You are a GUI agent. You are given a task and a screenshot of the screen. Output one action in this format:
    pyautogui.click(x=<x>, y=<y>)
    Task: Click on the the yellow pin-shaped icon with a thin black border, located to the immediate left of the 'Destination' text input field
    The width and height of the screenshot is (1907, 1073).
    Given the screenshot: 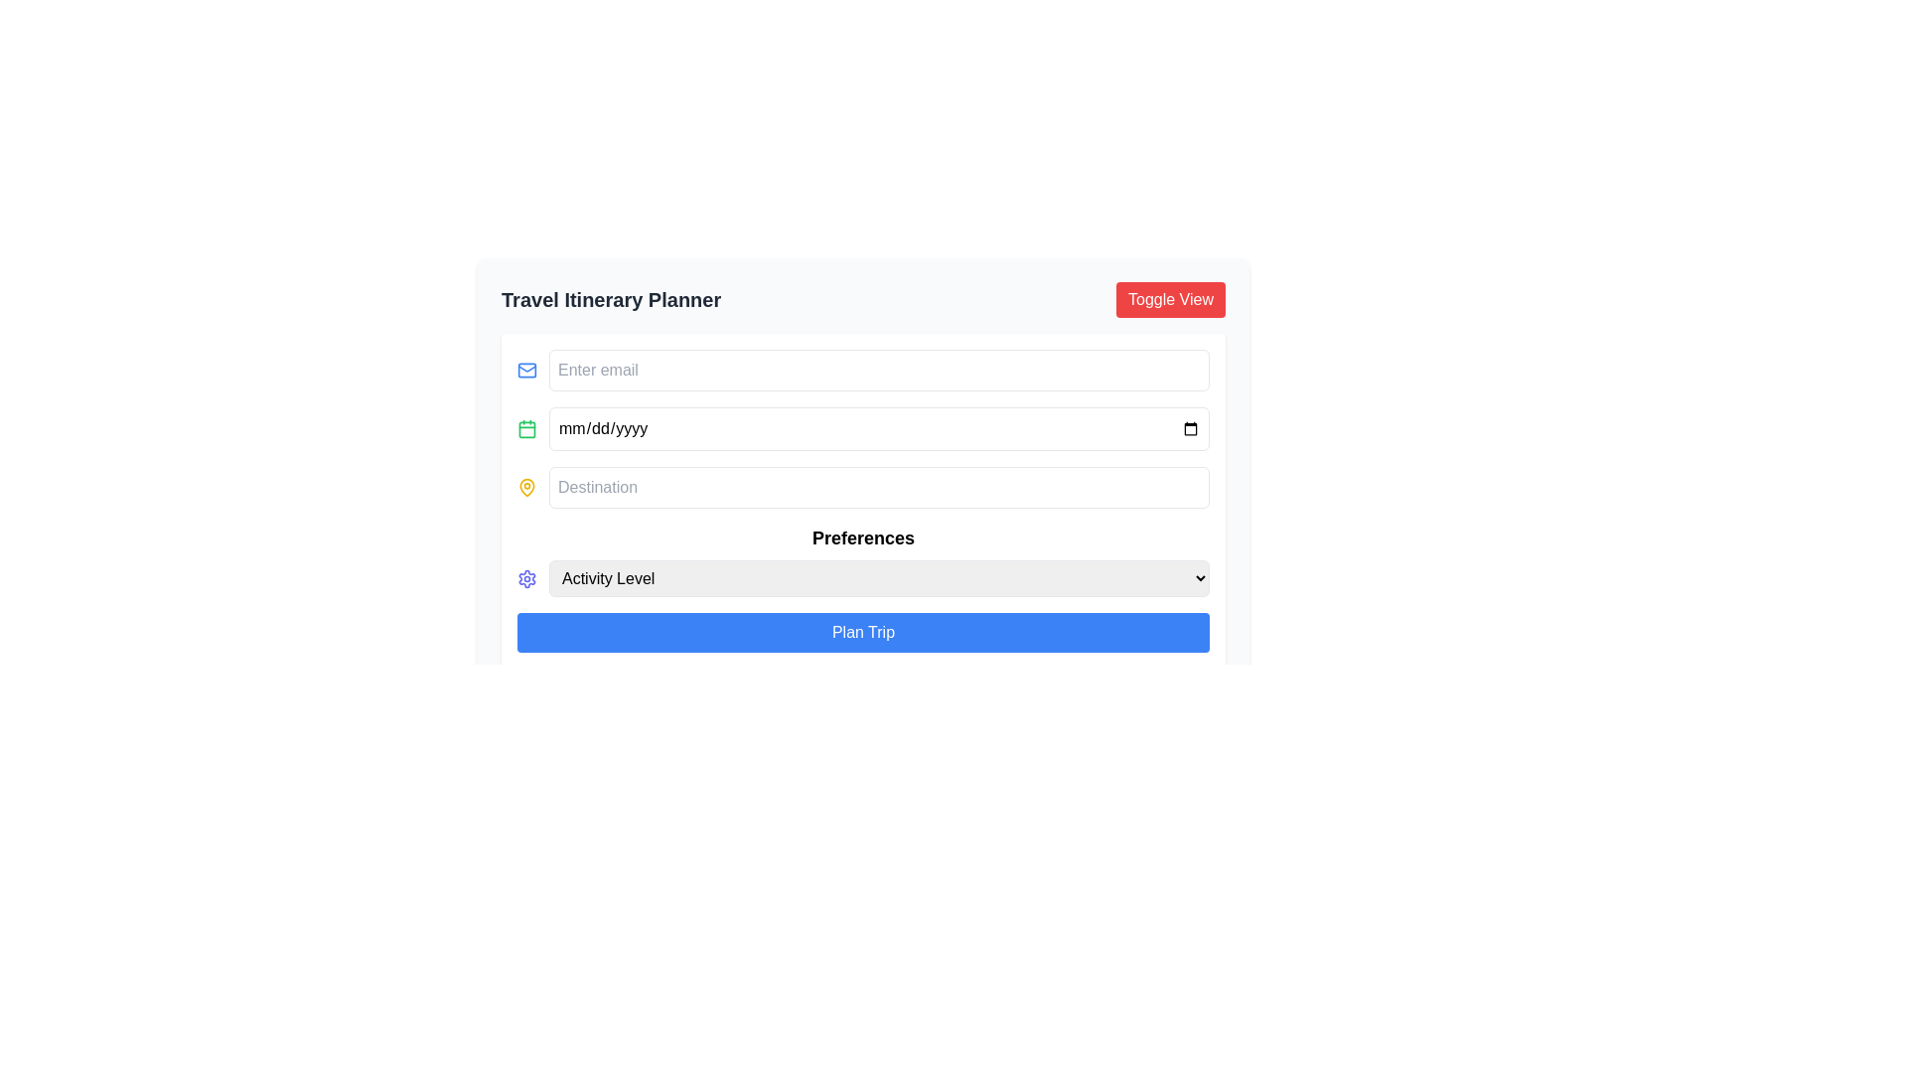 What is the action you would take?
    pyautogui.click(x=527, y=487)
    